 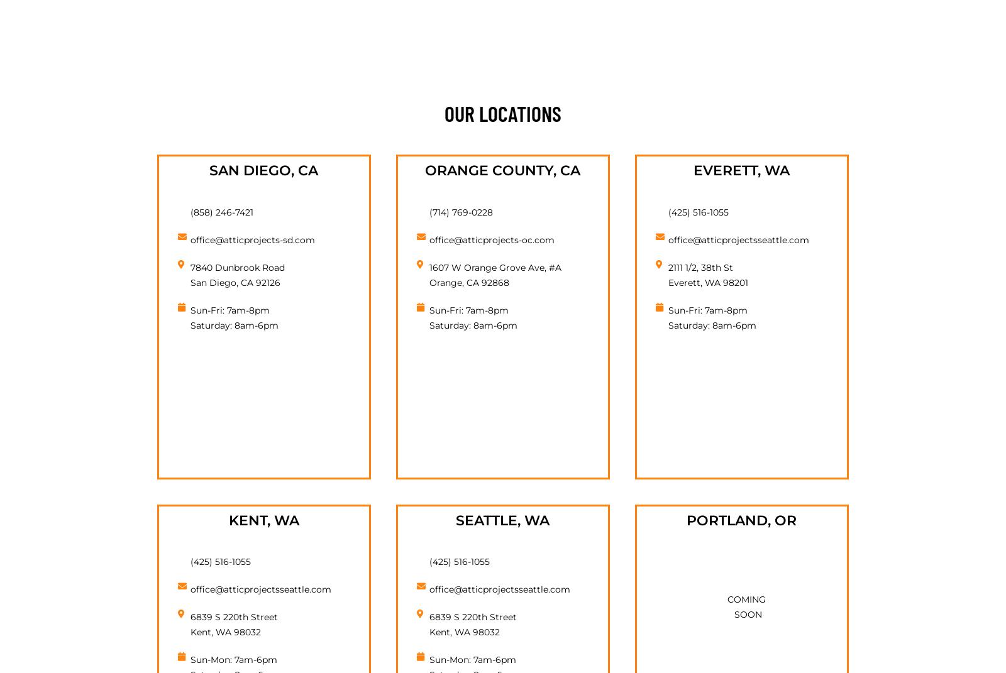 I want to click on 'Portland, OR', so click(x=687, y=519).